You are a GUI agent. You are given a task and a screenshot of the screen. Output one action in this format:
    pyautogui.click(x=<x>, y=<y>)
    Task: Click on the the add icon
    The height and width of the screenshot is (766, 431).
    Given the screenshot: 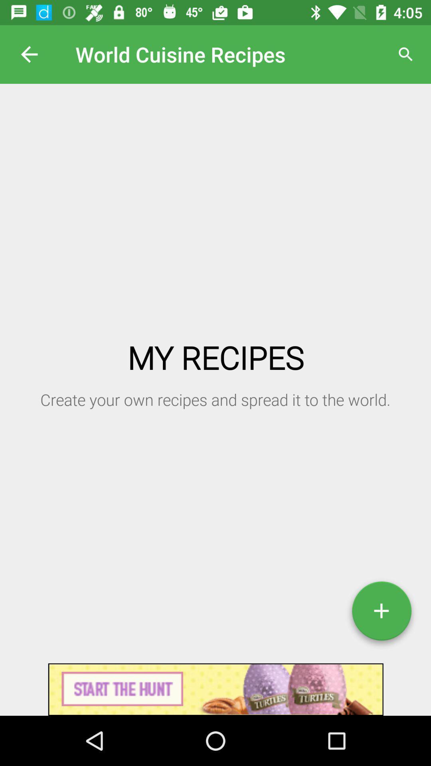 What is the action you would take?
    pyautogui.click(x=381, y=614)
    